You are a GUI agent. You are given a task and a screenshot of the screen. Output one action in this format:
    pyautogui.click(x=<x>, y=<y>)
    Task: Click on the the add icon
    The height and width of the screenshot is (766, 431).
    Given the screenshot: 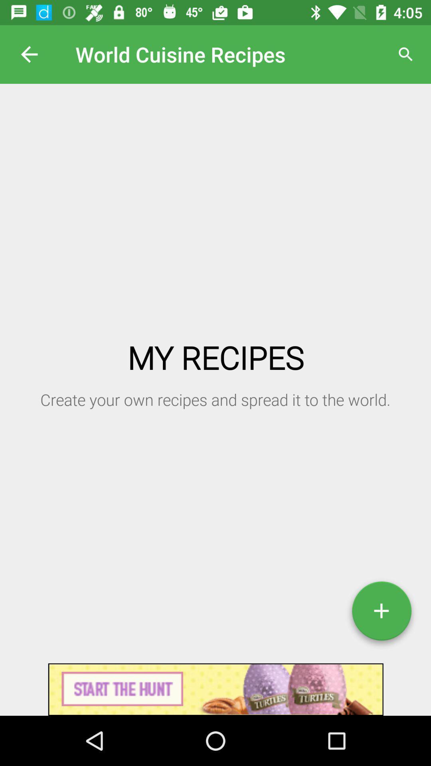 What is the action you would take?
    pyautogui.click(x=381, y=614)
    